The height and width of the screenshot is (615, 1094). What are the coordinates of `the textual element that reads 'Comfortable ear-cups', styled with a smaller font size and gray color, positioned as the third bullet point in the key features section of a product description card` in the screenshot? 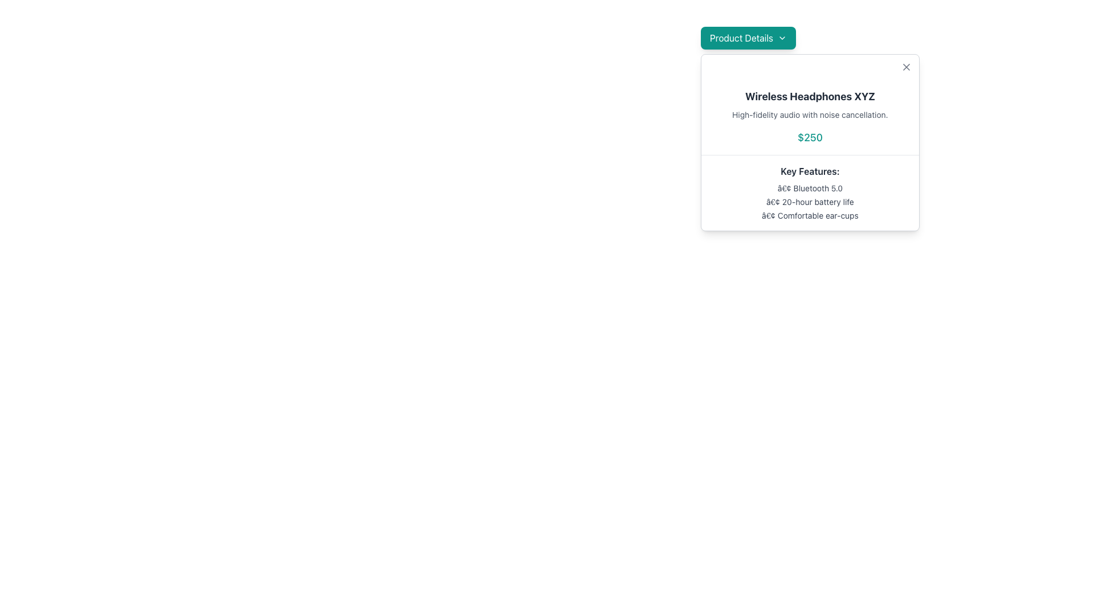 It's located at (809, 215).